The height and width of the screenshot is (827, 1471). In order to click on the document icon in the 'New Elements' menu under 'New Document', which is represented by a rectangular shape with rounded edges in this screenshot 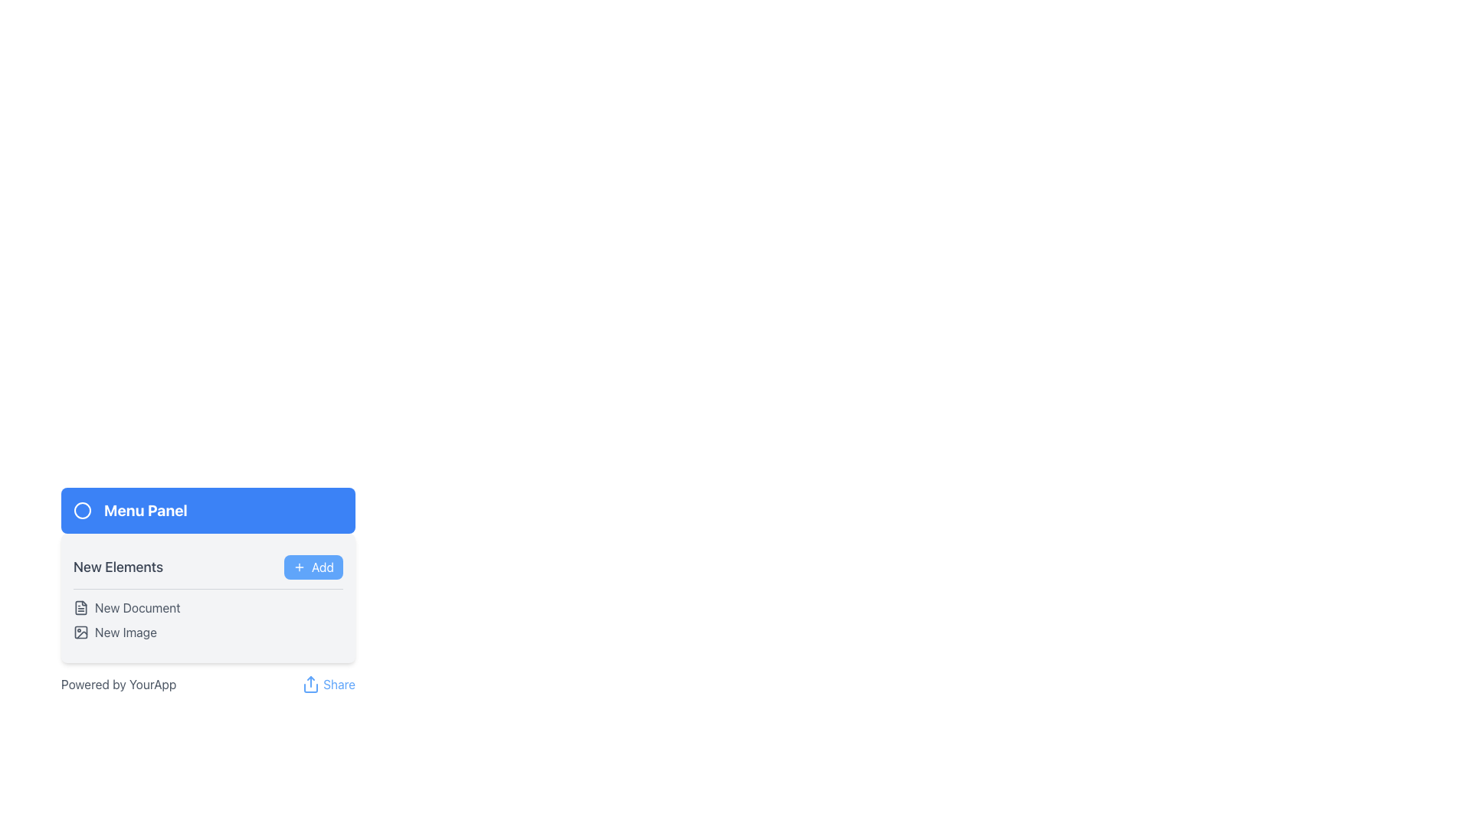, I will do `click(80, 607)`.